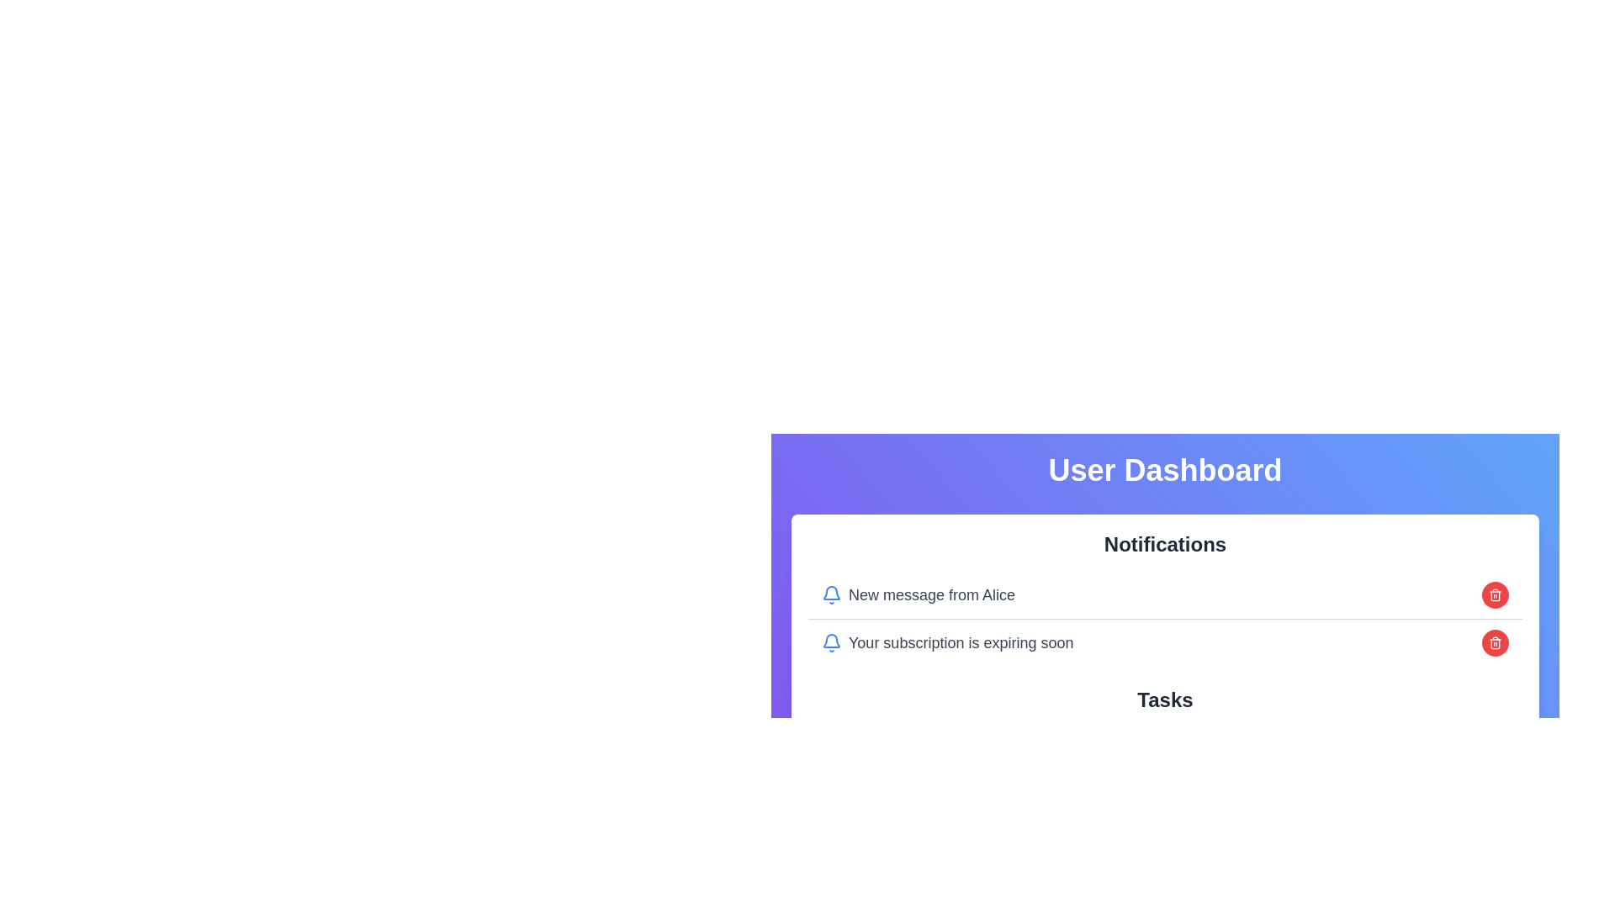 The image size is (1615, 908). Describe the element at coordinates (918, 594) in the screenshot. I see `text label stating 'New message from Alice', which is located in the first row of the 'Notifications' section and is styled with a gray font` at that location.